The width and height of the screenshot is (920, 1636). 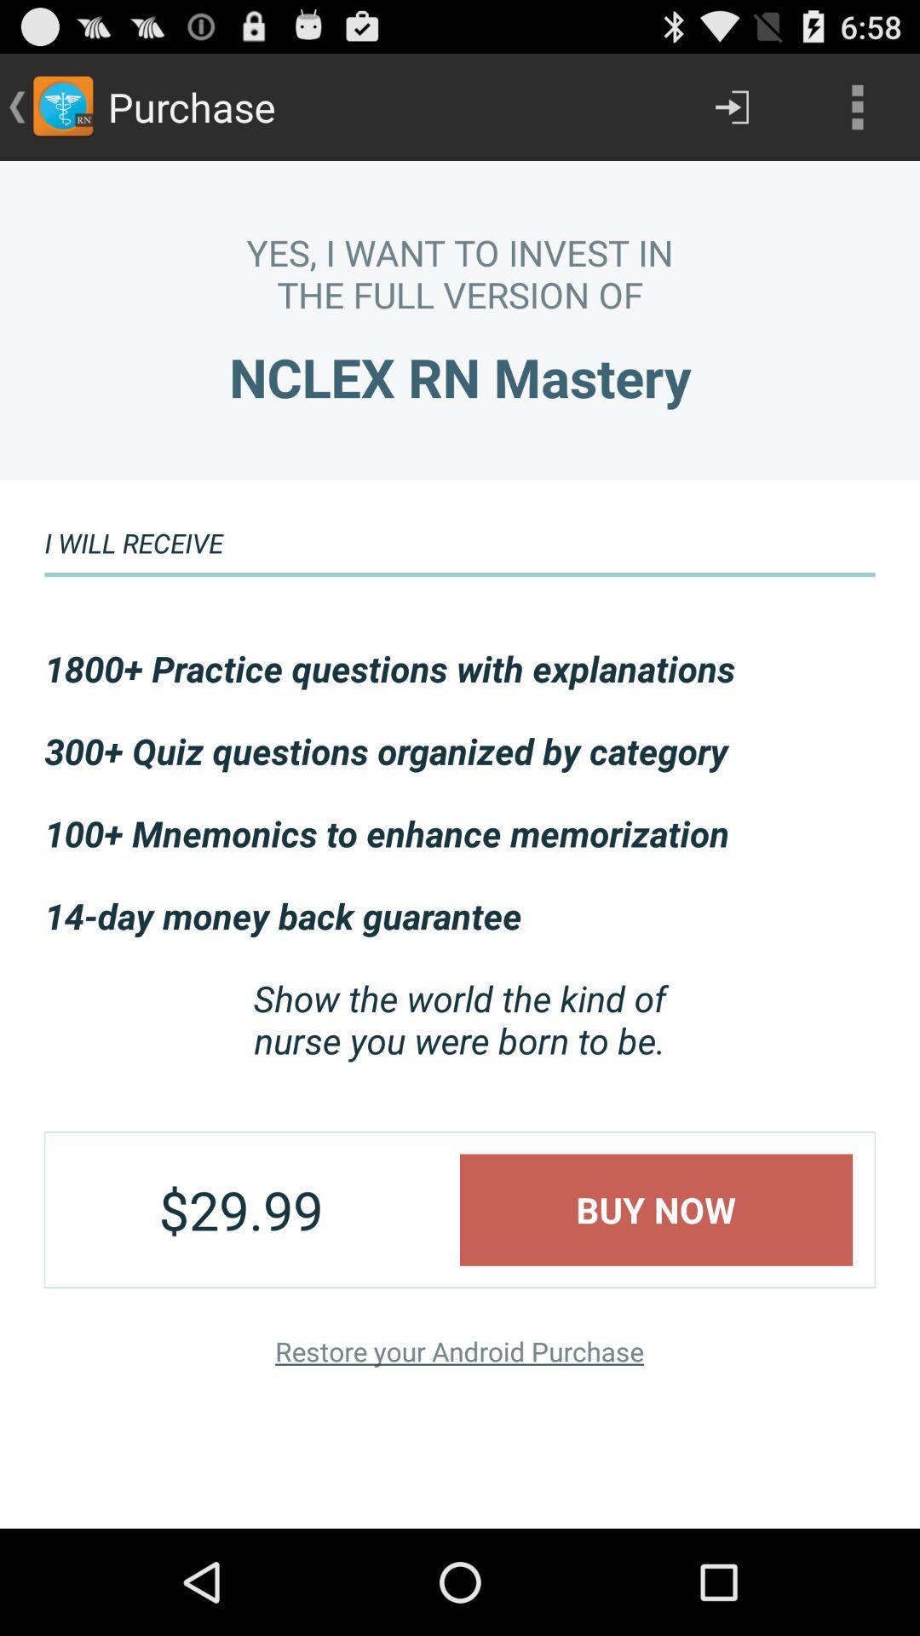 I want to click on the app above the yes i want app, so click(x=857, y=106).